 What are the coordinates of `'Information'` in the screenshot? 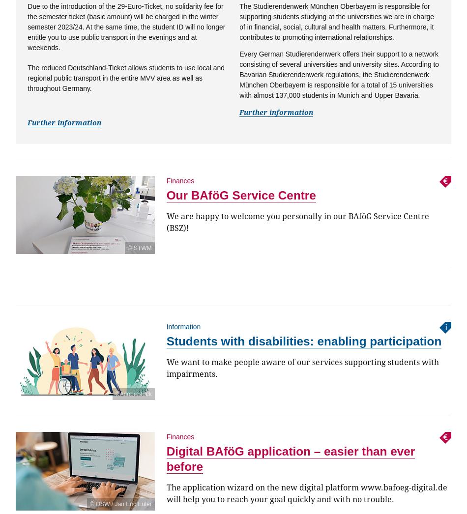 It's located at (182, 326).